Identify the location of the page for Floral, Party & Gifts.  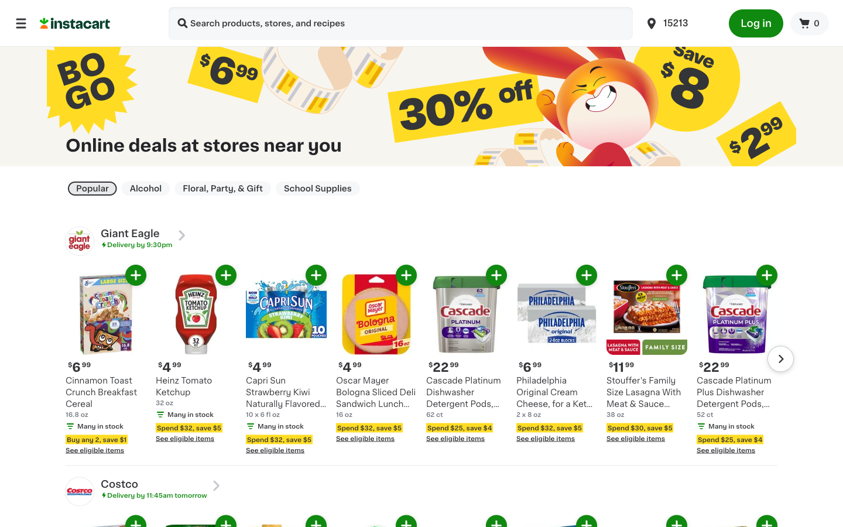
(222, 188).